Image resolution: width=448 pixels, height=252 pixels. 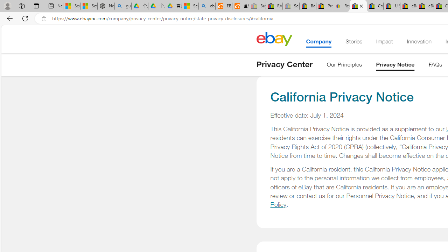 I want to click on 'Baby Keepsakes & Announcements for sale | eBay', so click(x=308, y=6).